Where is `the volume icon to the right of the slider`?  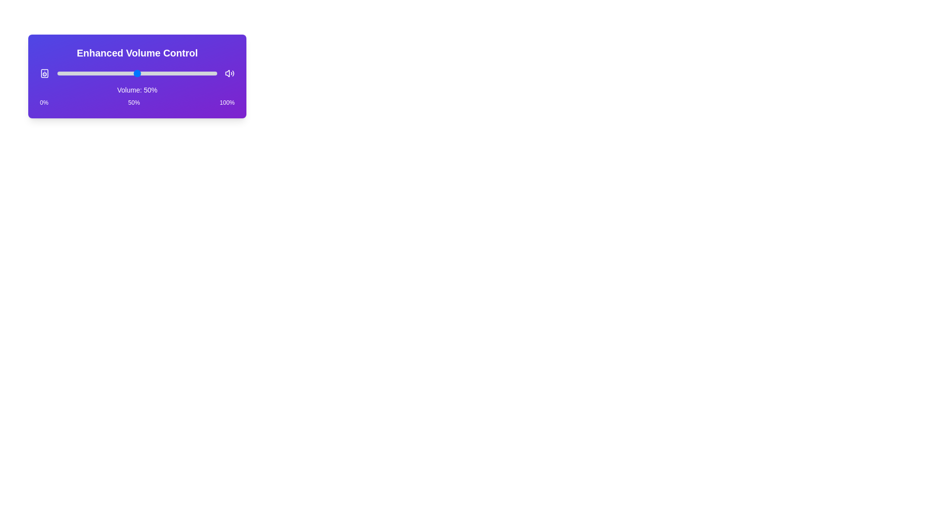 the volume icon to the right of the slider is located at coordinates (229, 73).